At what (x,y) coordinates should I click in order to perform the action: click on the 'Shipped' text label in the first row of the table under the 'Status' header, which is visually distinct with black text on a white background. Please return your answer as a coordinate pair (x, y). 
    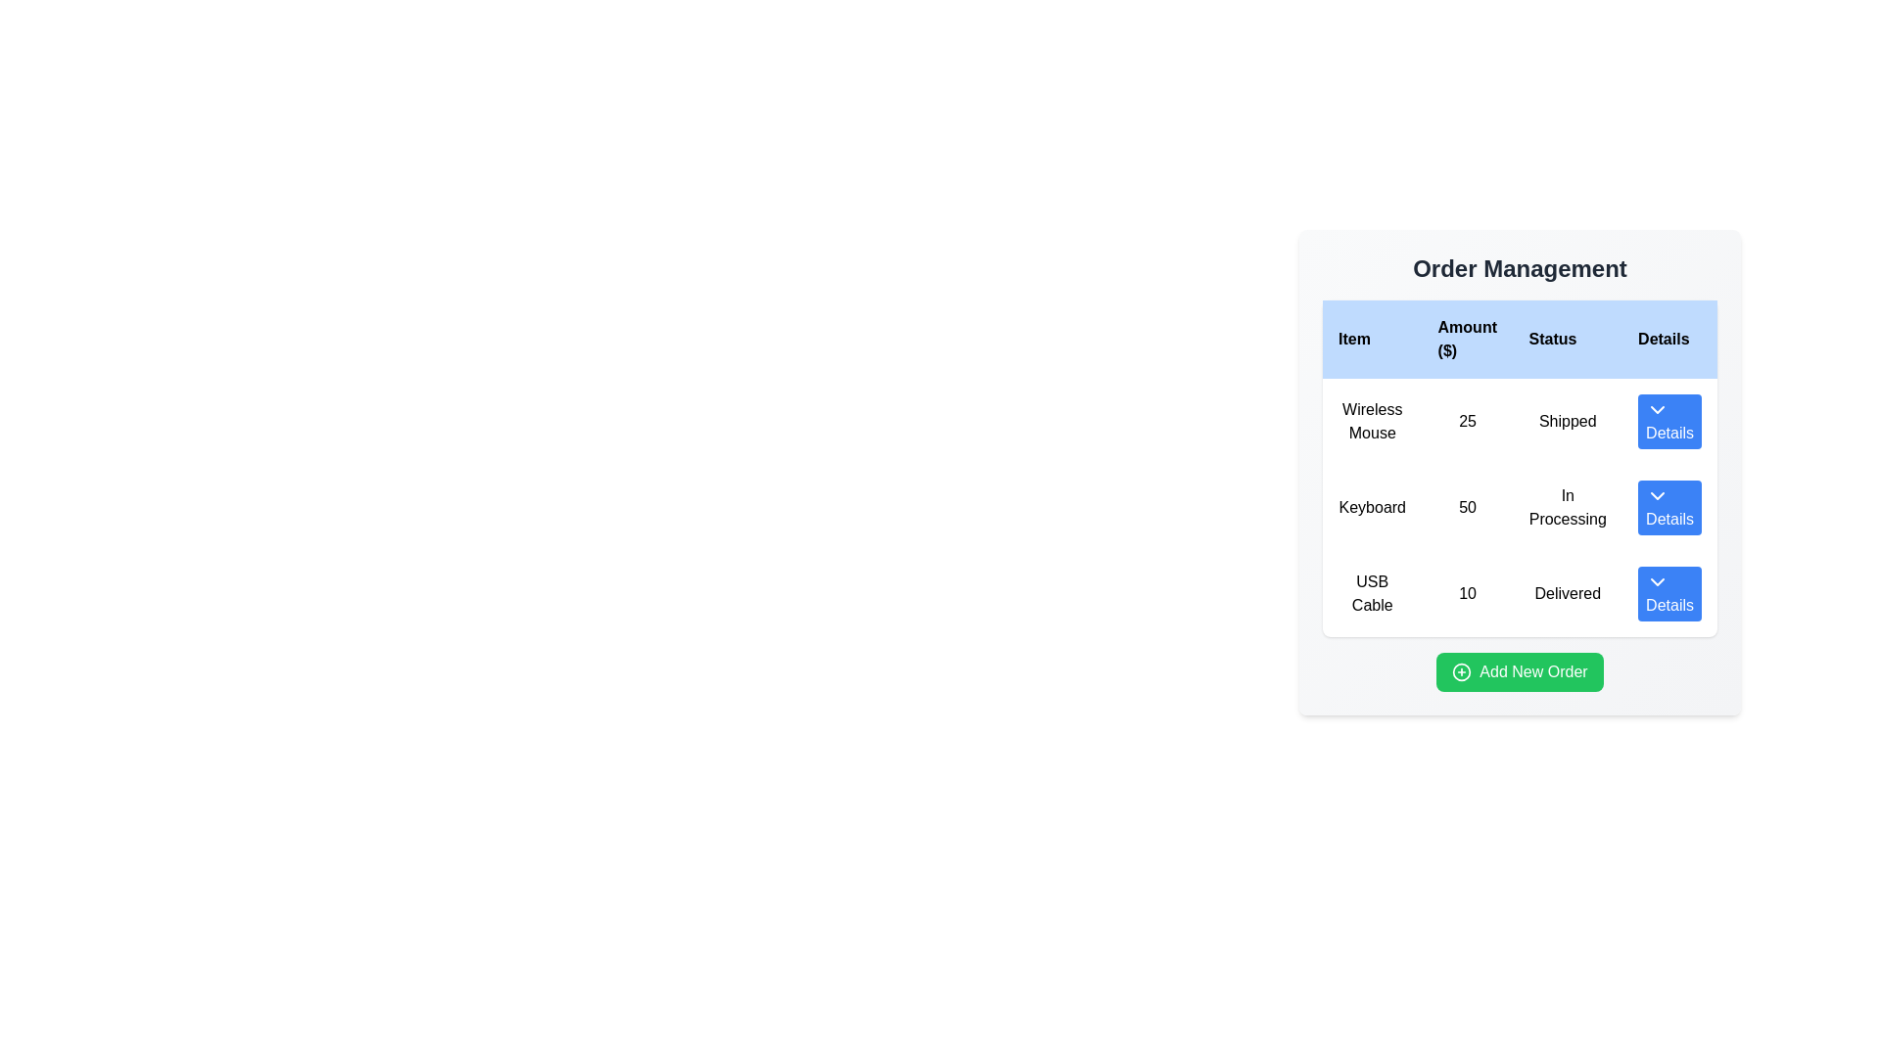
    Looking at the image, I should click on (1568, 421).